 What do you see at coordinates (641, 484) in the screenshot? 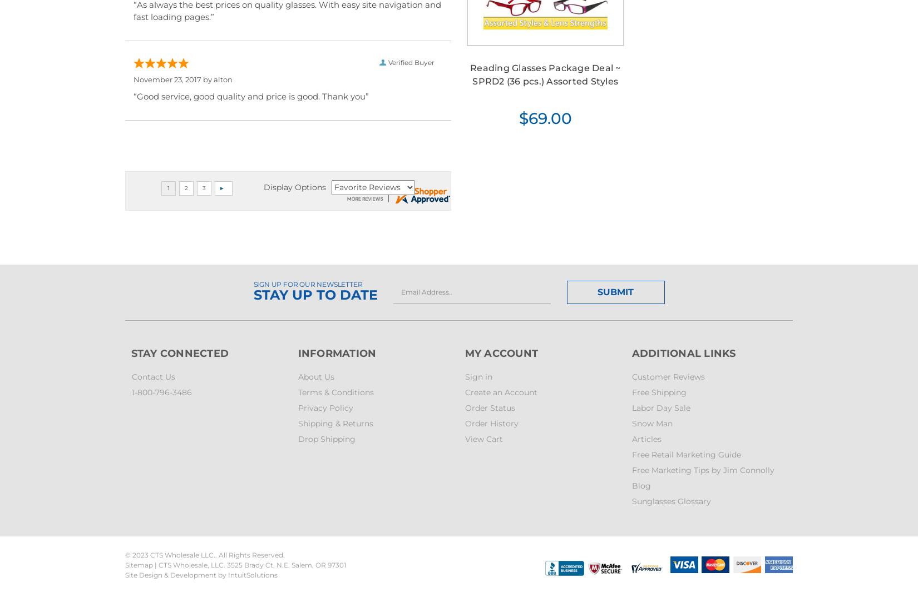
I see `'Blog'` at bounding box center [641, 484].